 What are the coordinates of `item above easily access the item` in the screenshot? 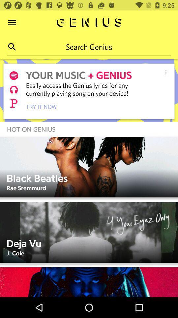 It's located at (165, 72).